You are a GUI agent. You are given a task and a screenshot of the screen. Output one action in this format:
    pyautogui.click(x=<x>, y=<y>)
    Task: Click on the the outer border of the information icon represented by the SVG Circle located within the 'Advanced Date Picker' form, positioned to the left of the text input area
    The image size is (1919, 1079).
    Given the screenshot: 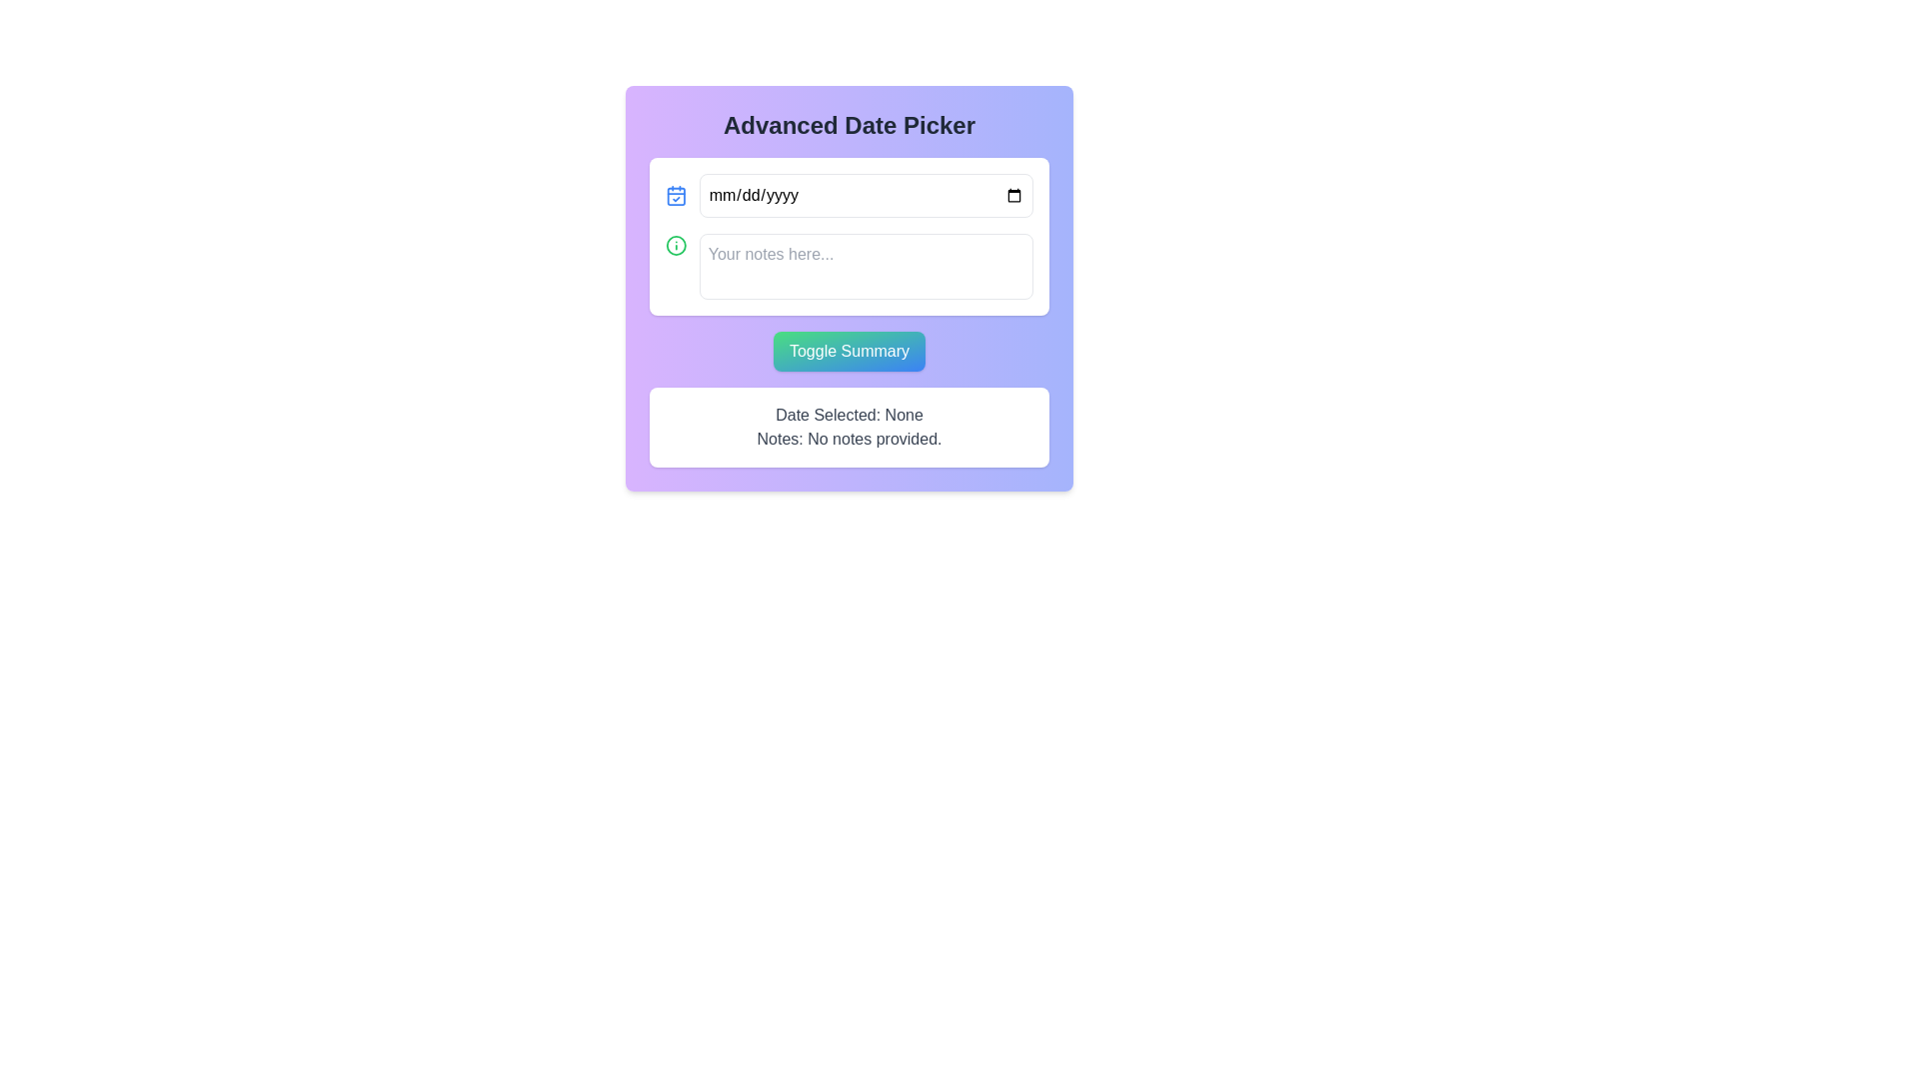 What is the action you would take?
    pyautogui.click(x=676, y=245)
    